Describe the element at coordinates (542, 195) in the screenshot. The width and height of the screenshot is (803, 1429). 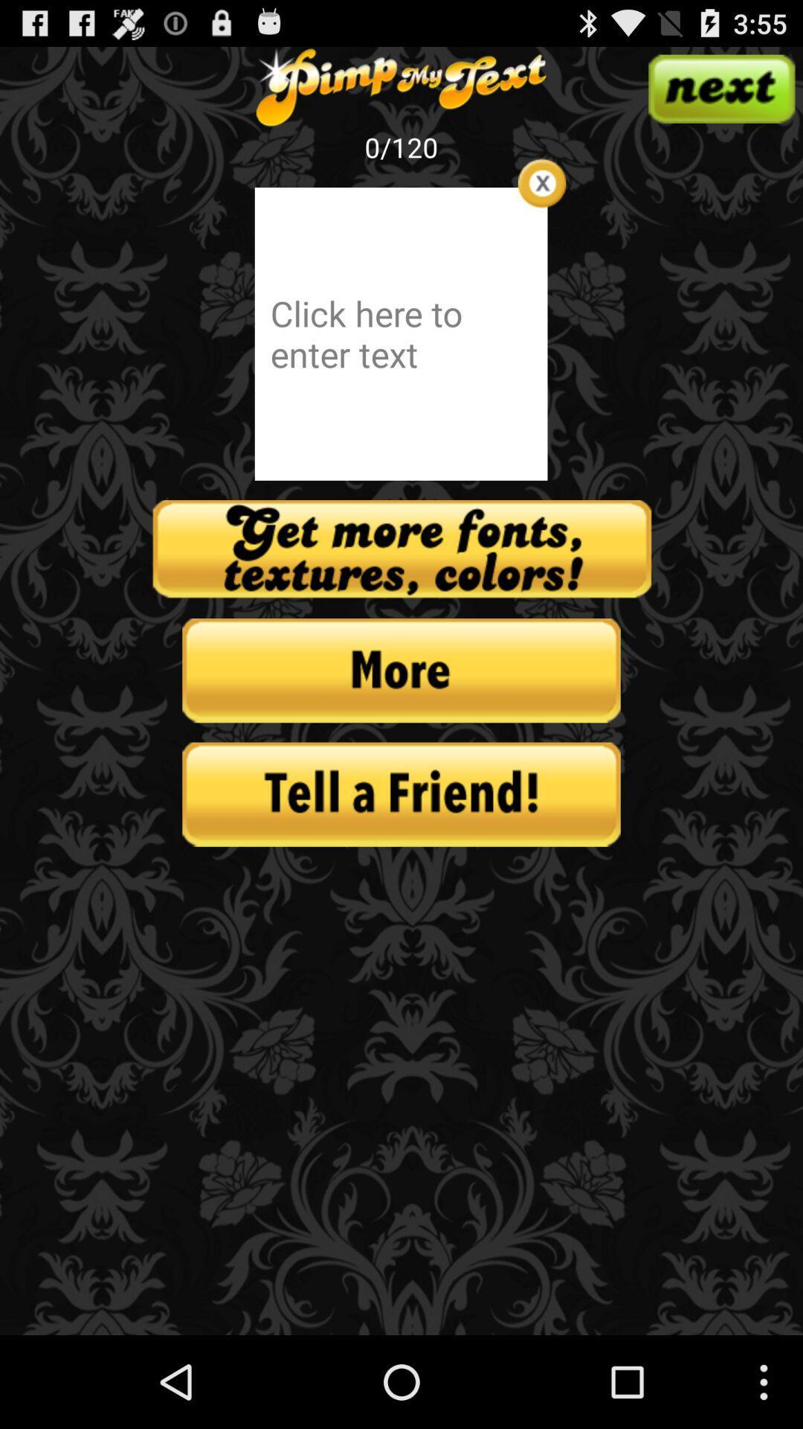
I see `the close icon` at that location.